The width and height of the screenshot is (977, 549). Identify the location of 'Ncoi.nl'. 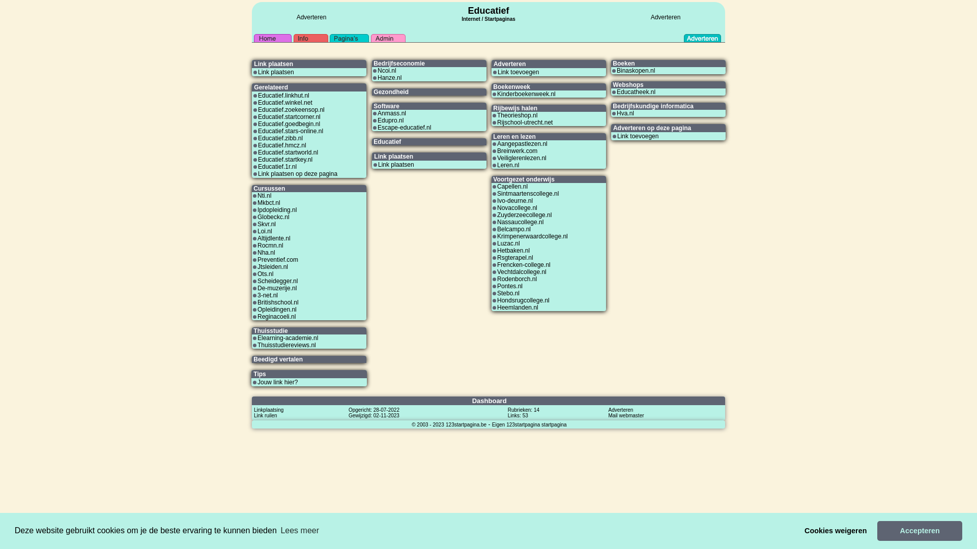
(377, 70).